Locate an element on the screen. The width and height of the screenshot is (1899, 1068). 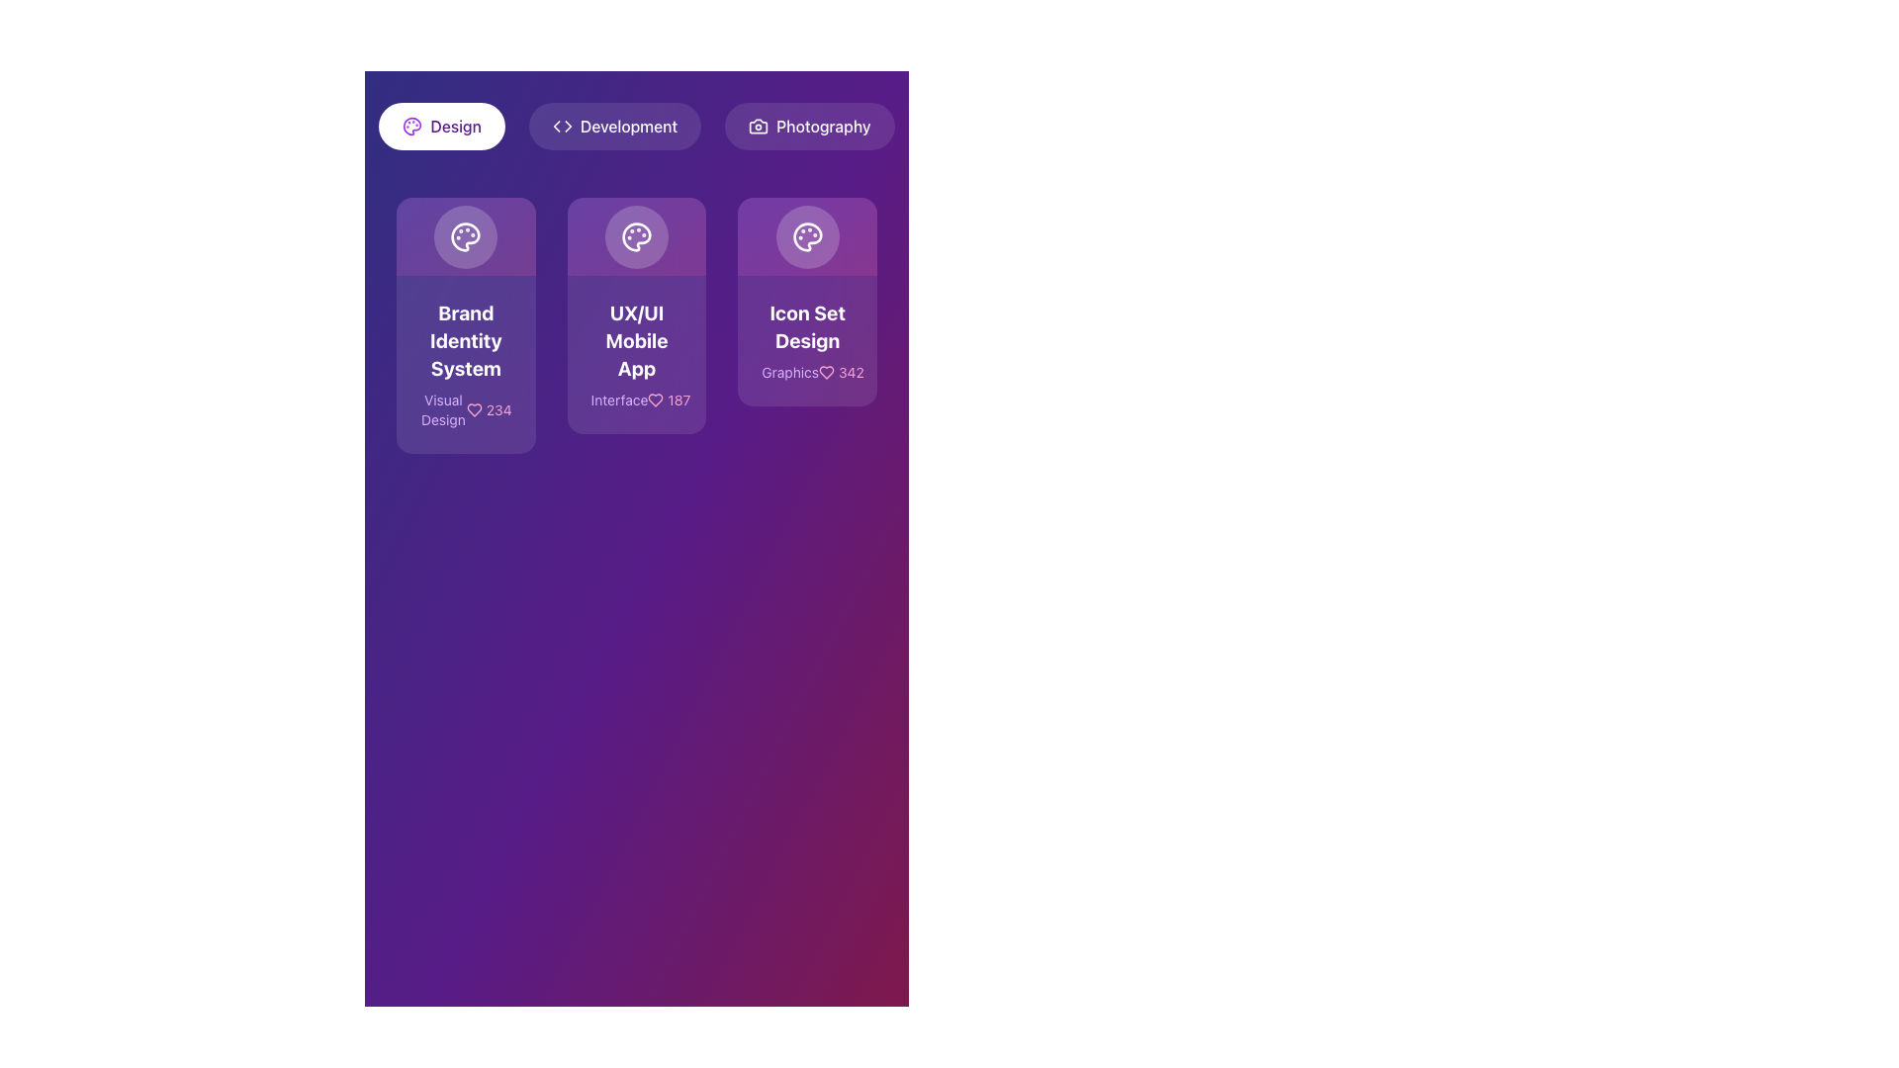
to select the card representing 'Icon Set Design', which is the third card in a horizontally aligned row below the 'Design' tab is located at coordinates (807, 302).